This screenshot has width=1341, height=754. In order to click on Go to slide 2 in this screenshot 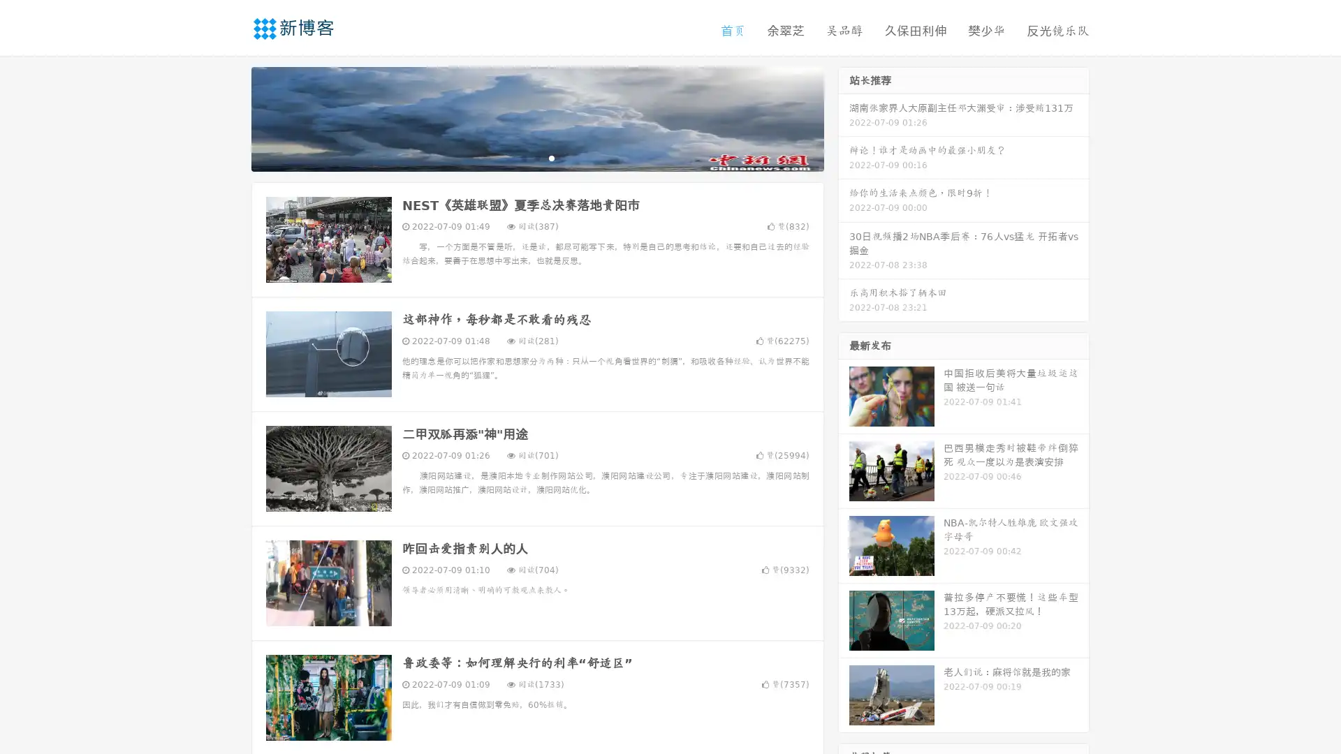, I will do `click(536, 157)`.